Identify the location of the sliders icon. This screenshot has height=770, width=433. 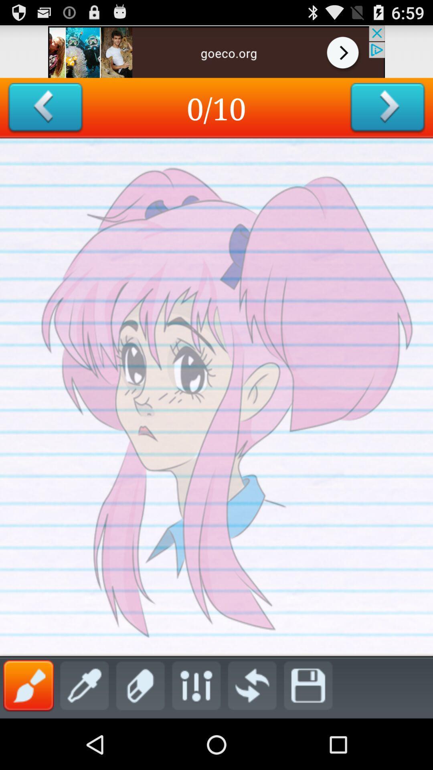
(196, 734).